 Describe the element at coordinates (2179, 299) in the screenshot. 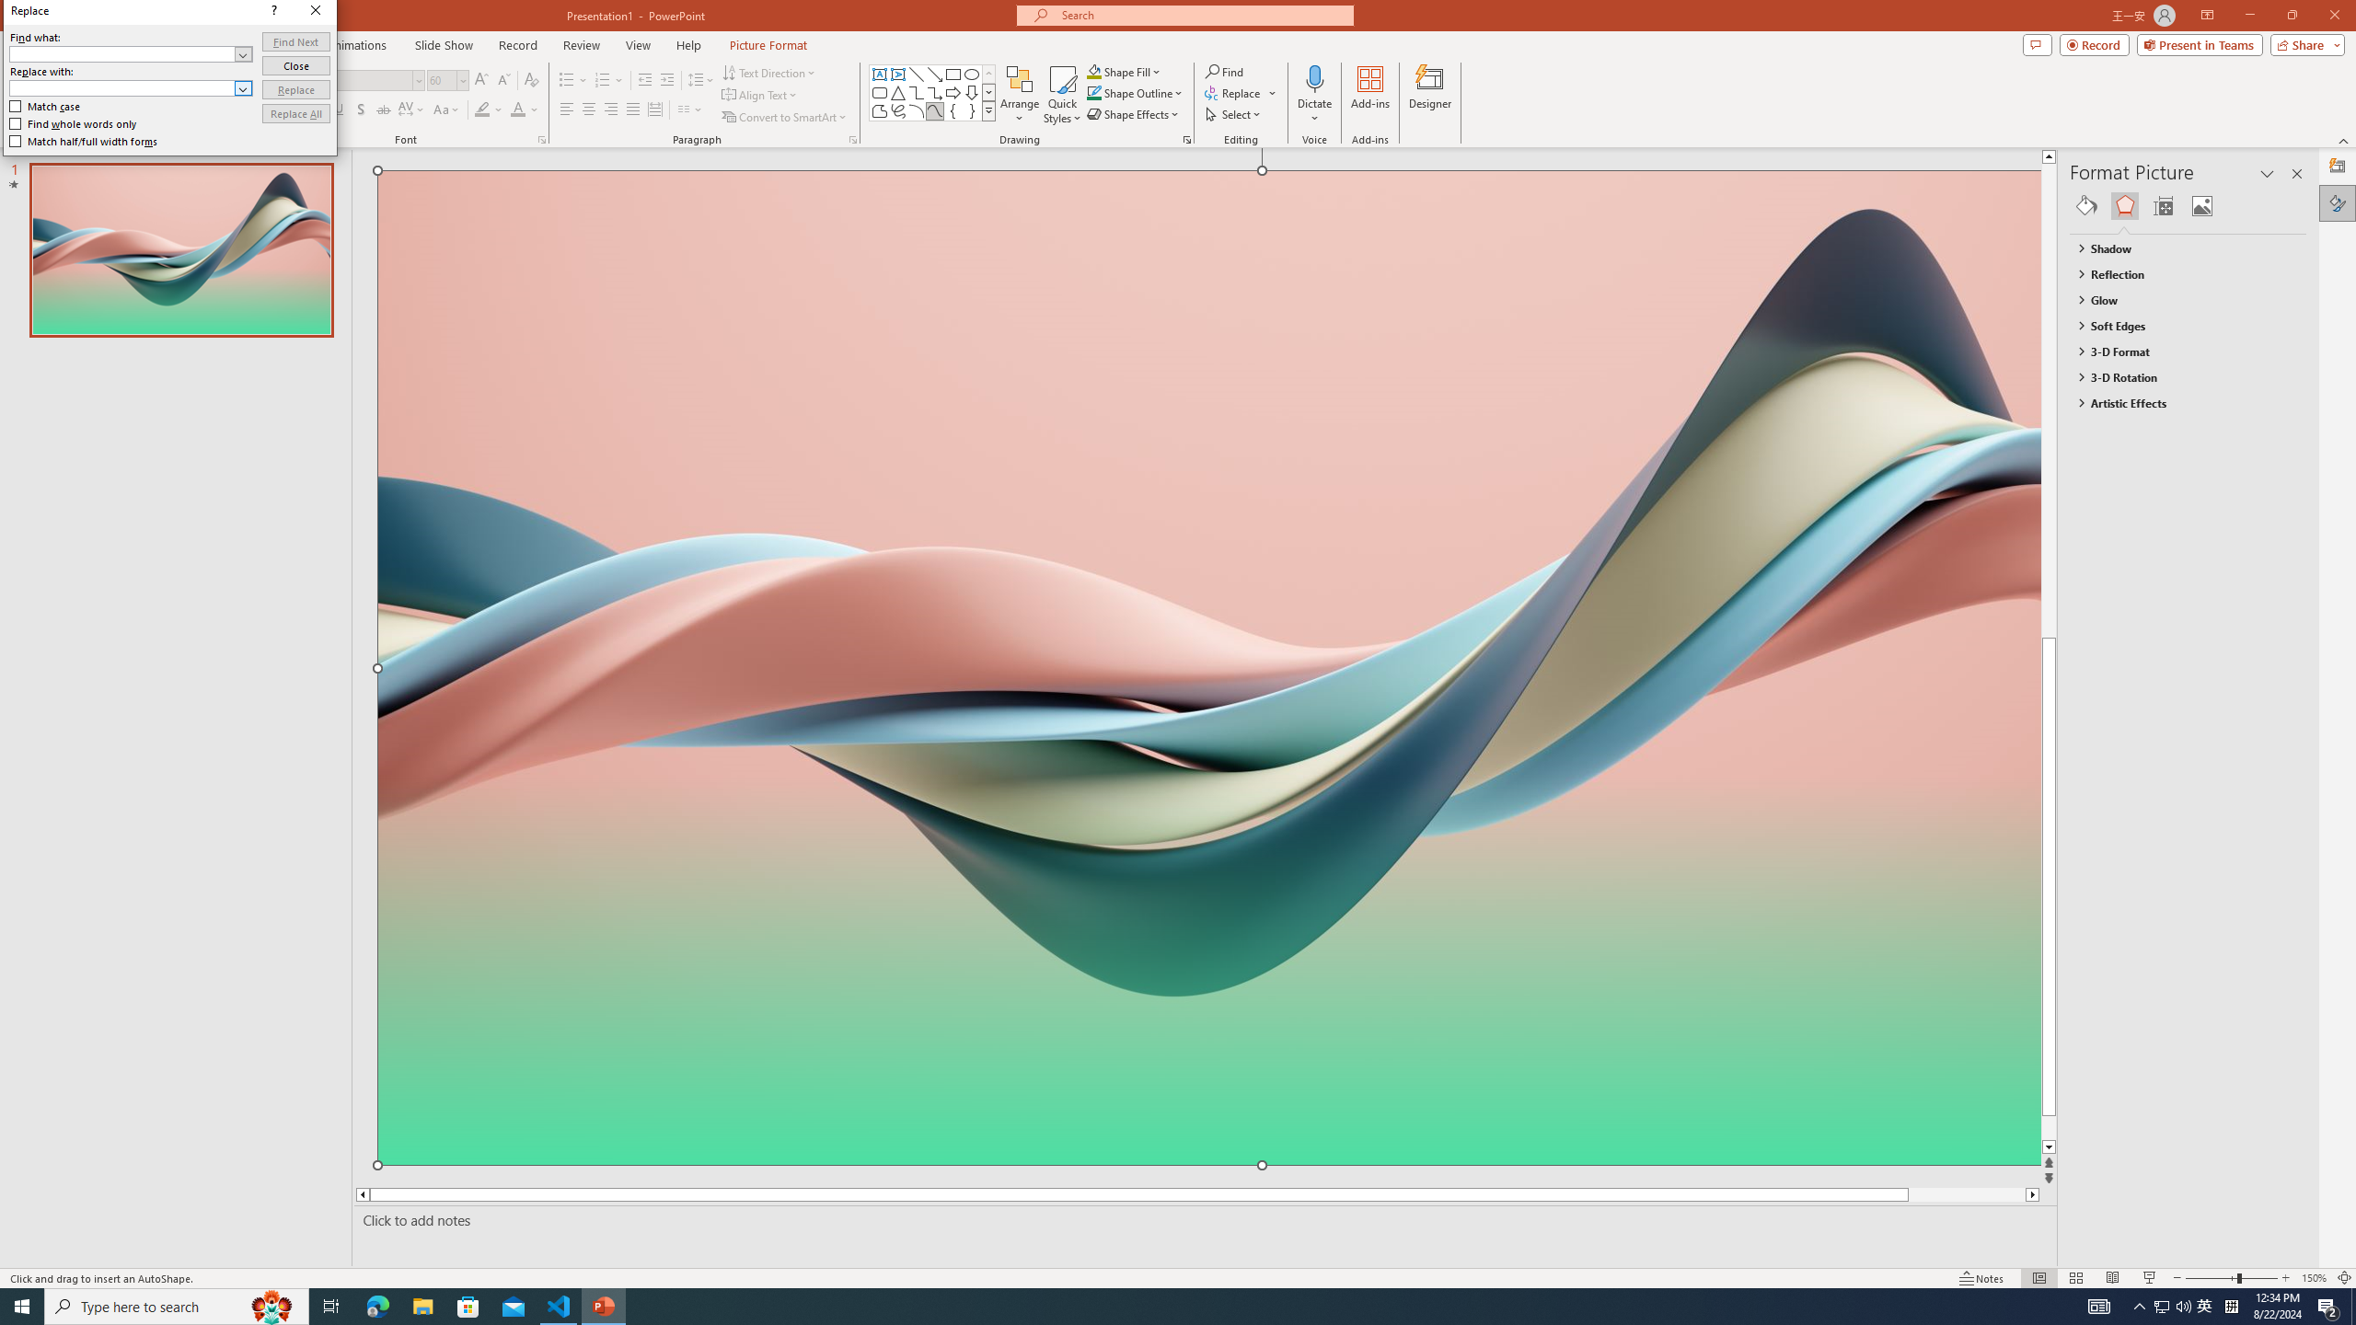

I see `'Glow'` at that location.